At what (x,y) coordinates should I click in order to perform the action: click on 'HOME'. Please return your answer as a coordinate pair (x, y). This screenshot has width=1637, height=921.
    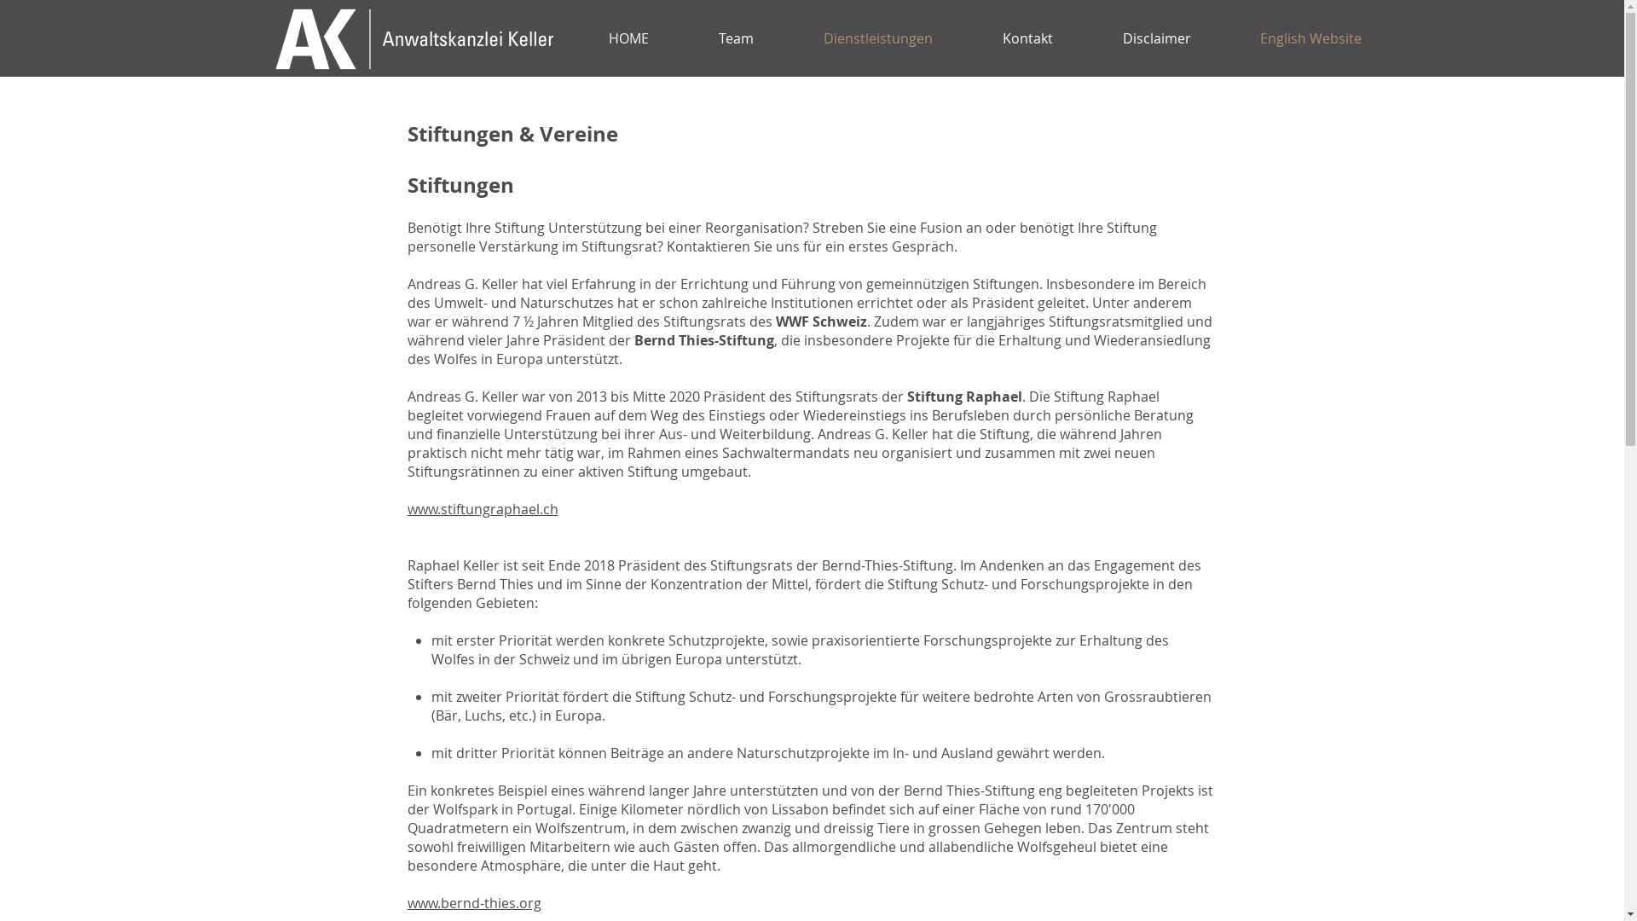
    Looking at the image, I should click on (573, 38).